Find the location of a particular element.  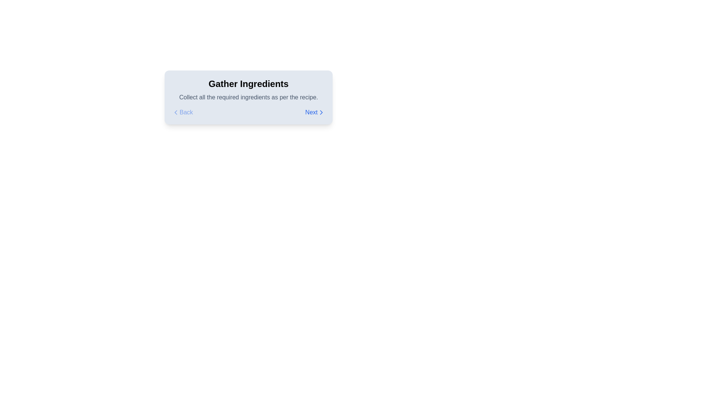

the instructional Text label that provides guidance for the 'Gather Ingredients' section, located between the title and navigation options is located at coordinates (248, 97).